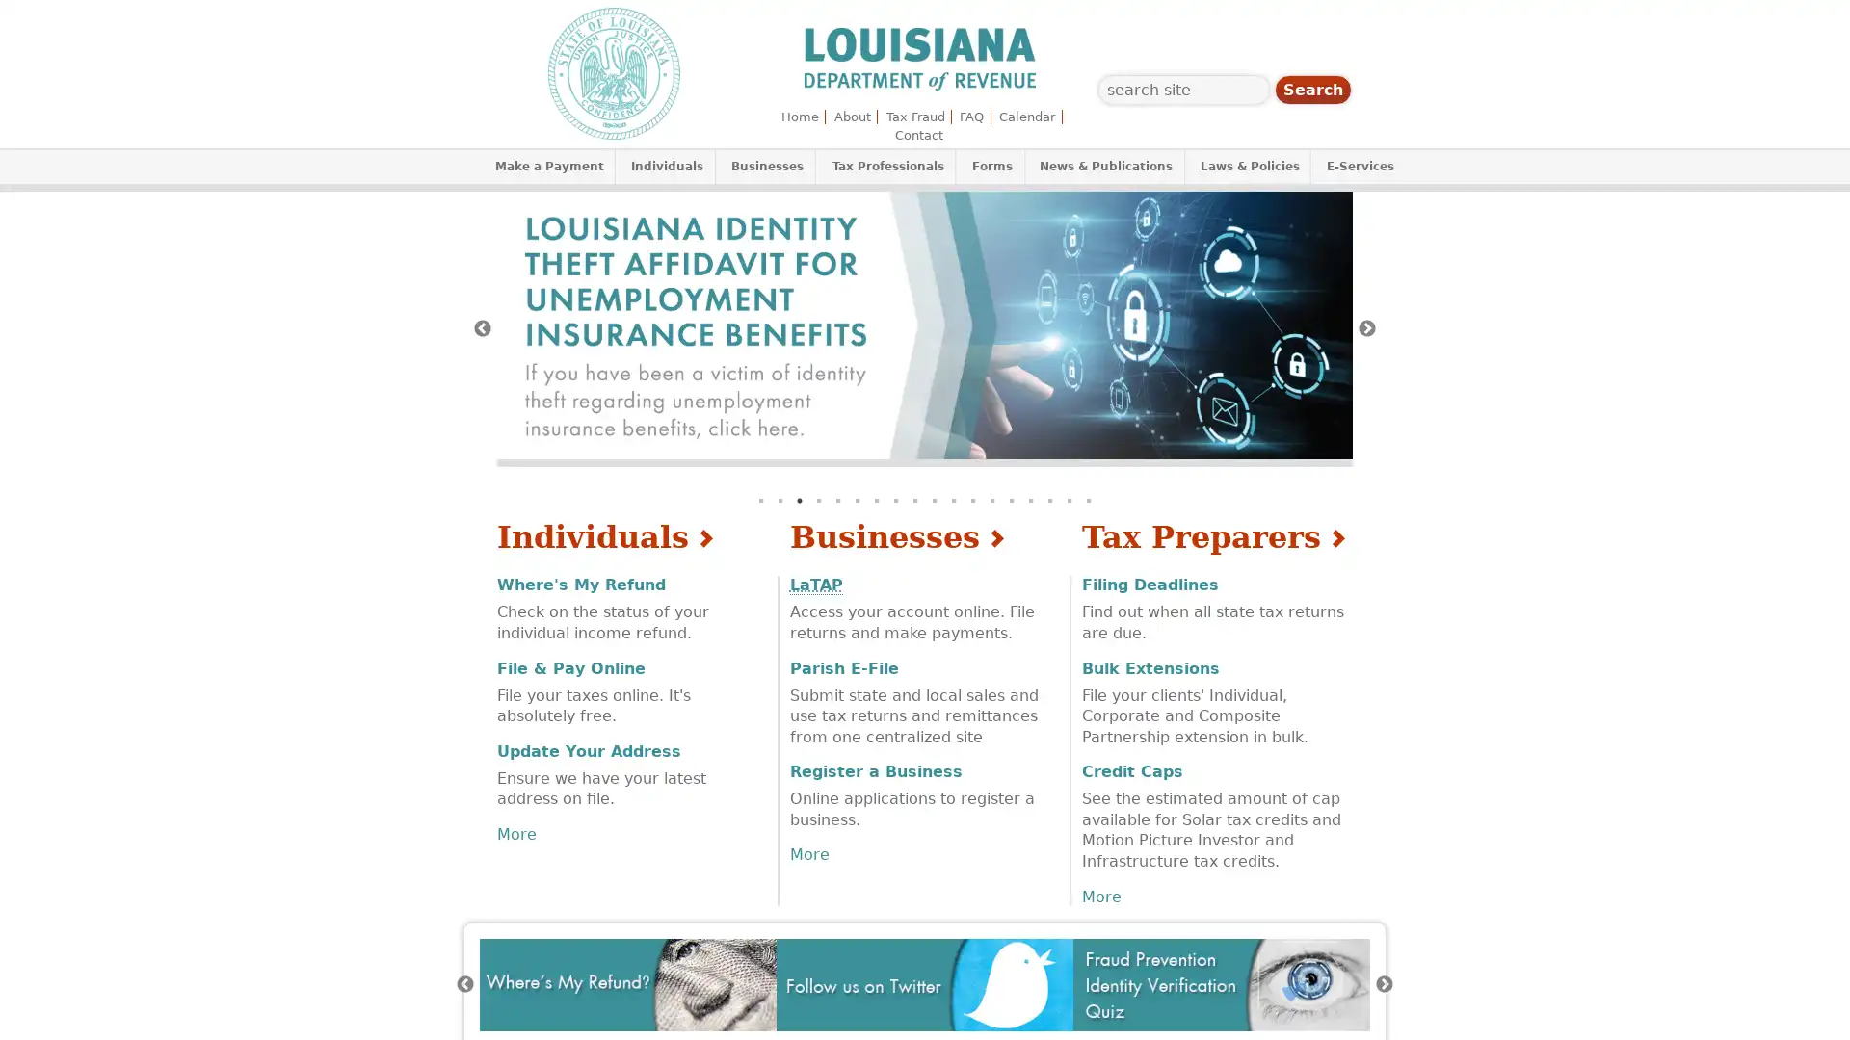 The width and height of the screenshot is (1850, 1040). What do you see at coordinates (914, 500) in the screenshot?
I see `9` at bounding box center [914, 500].